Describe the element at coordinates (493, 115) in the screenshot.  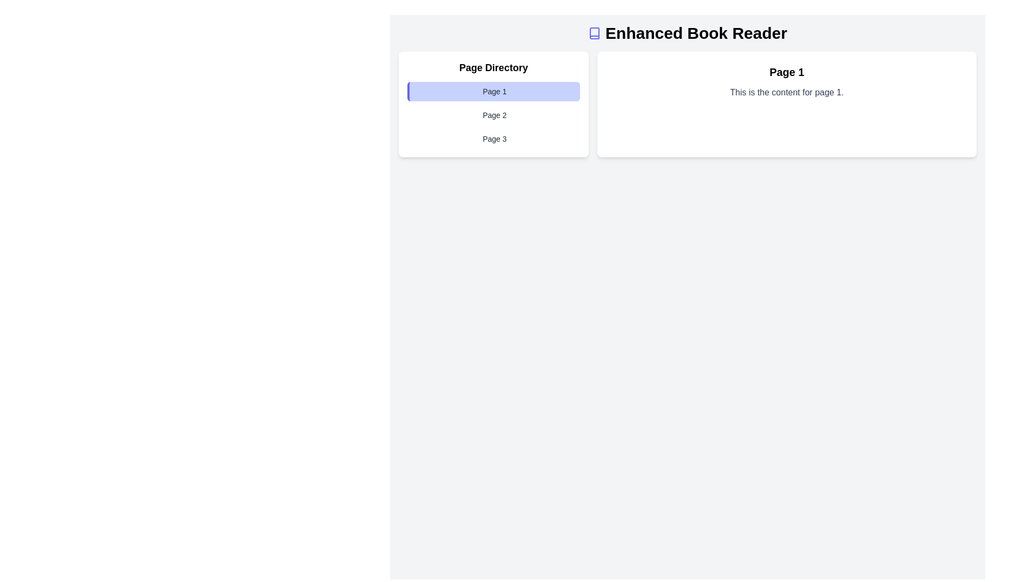
I see `the 'Page 2' navigation item in the 'Page Directory' card` at that location.